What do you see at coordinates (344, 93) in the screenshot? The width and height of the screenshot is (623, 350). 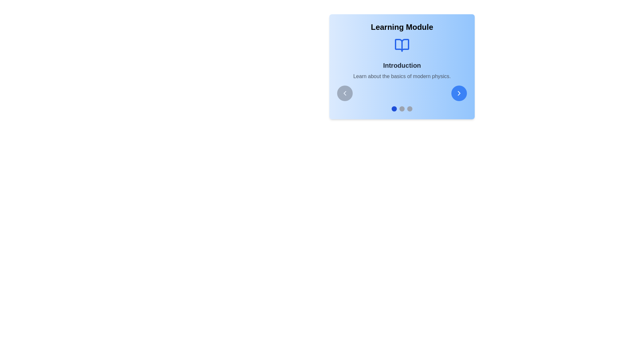 I see `the backward navigation arrow located within the rounded button on the left side of the interface` at bounding box center [344, 93].